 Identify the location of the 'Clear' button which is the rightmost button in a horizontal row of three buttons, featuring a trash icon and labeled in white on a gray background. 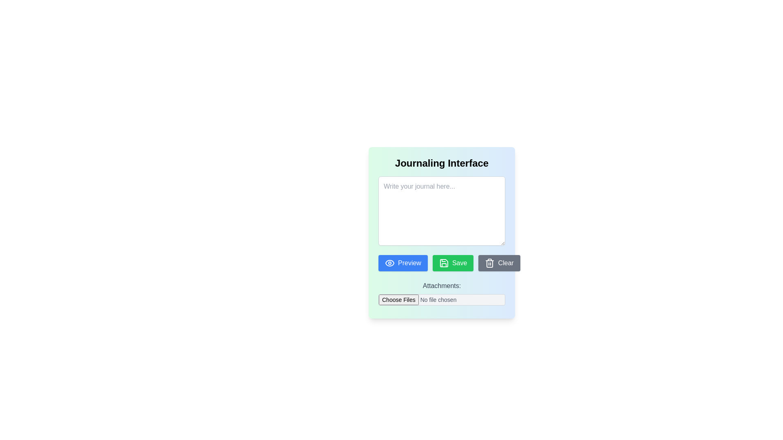
(499, 263).